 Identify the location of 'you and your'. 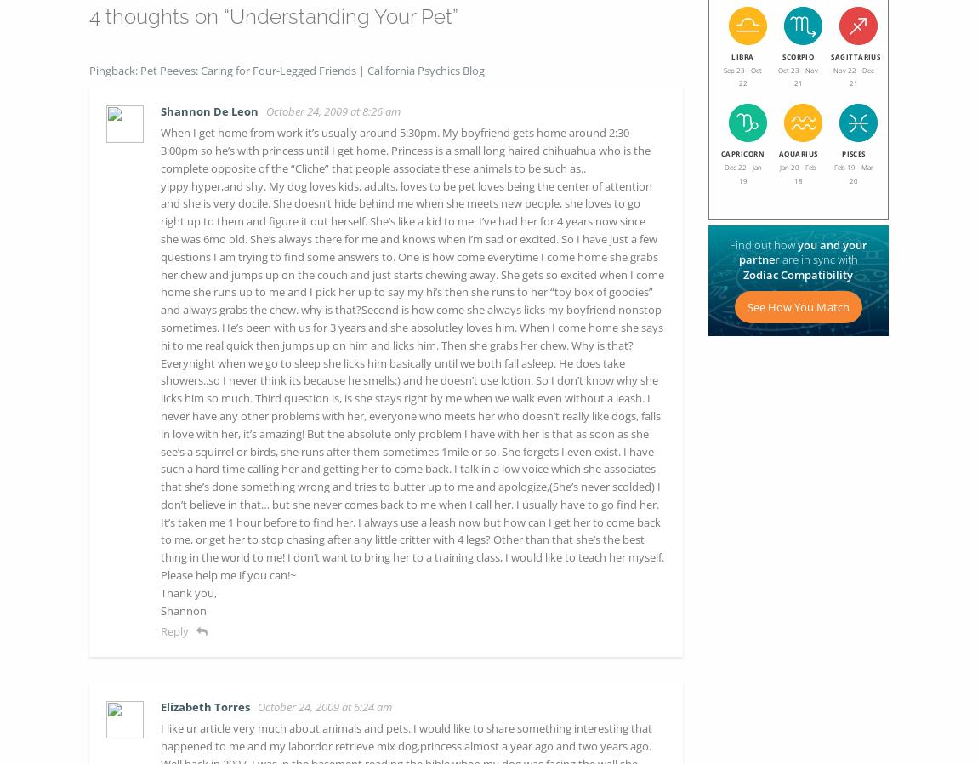
(831, 244).